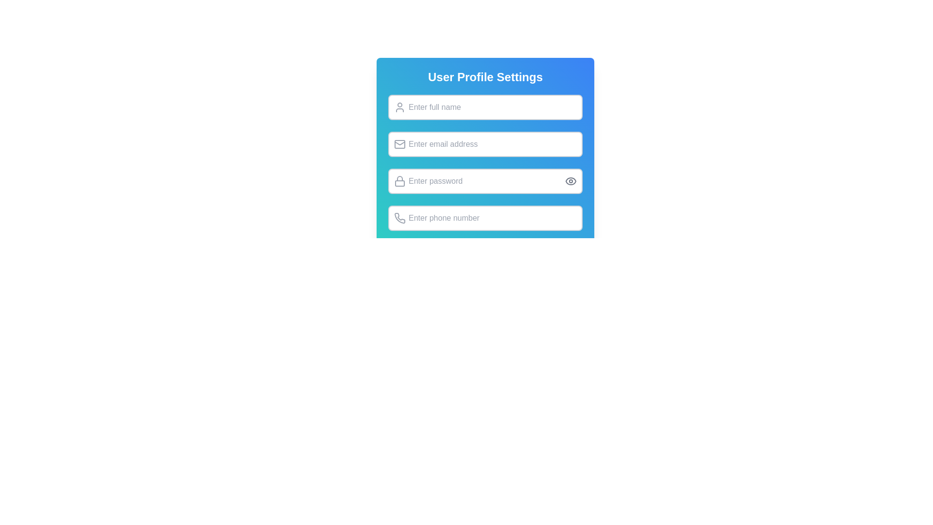  Describe the element at coordinates (399, 107) in the screenshot. I see `the user icon, which is a minimalist gray circular head with shoulders, located inside the 'Enter full name' input field at the top-left corner` at that location.